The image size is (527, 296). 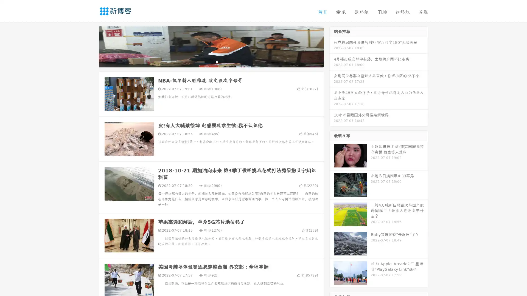 I want to click on Go to slide 2, so click(x=211, y=62).